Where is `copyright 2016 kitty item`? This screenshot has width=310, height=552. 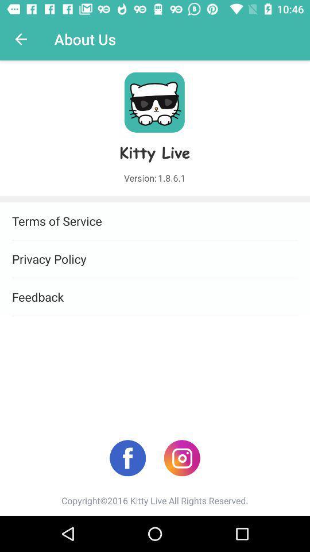 copyright 2016 kitty item is located at coordinates (154, 500).